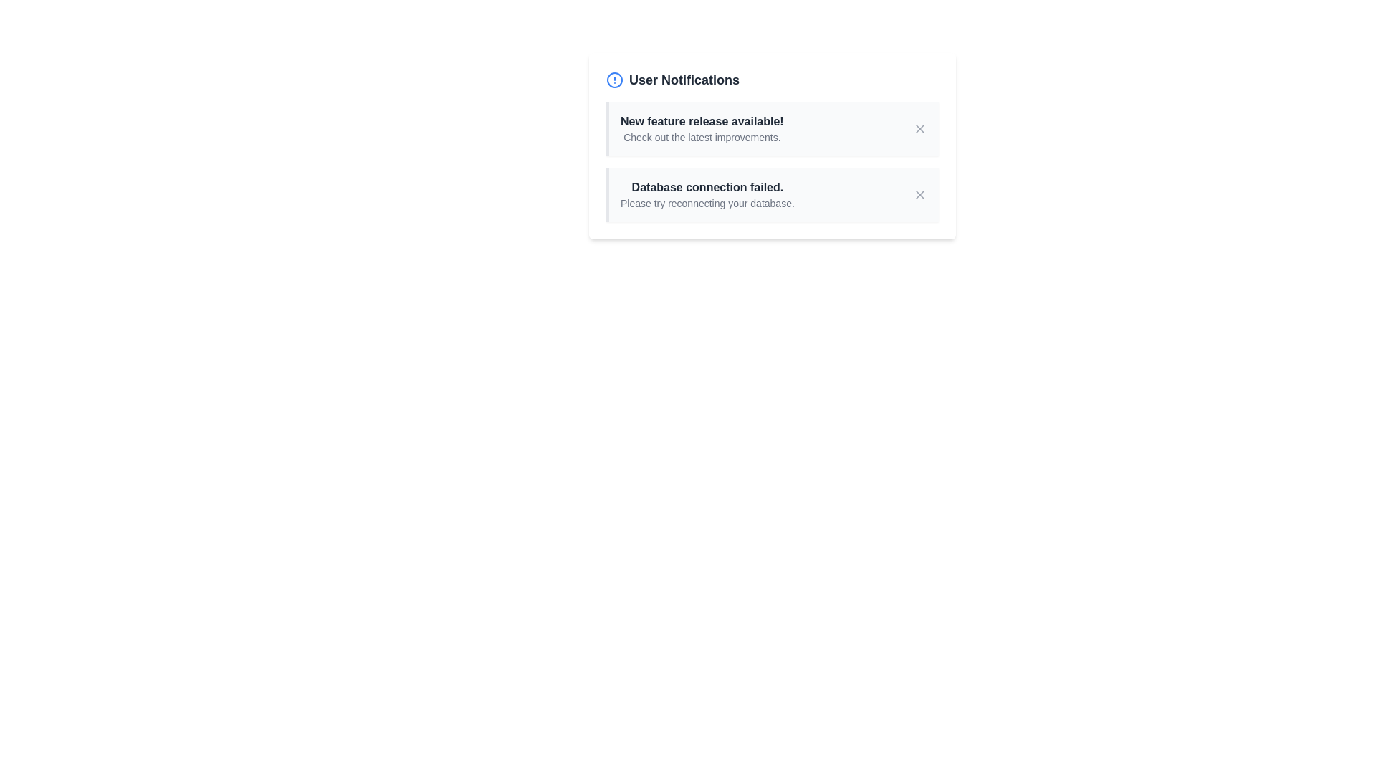  Describe the element at coordinates (919, 195) in the screenshot. I see `the 'X' icon` at that location.